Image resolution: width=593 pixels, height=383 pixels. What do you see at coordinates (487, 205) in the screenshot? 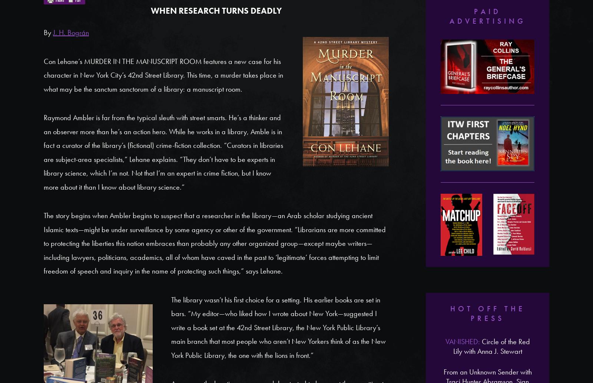
I see `'The Girl Who Lied'` at bounding box center [487, 205].